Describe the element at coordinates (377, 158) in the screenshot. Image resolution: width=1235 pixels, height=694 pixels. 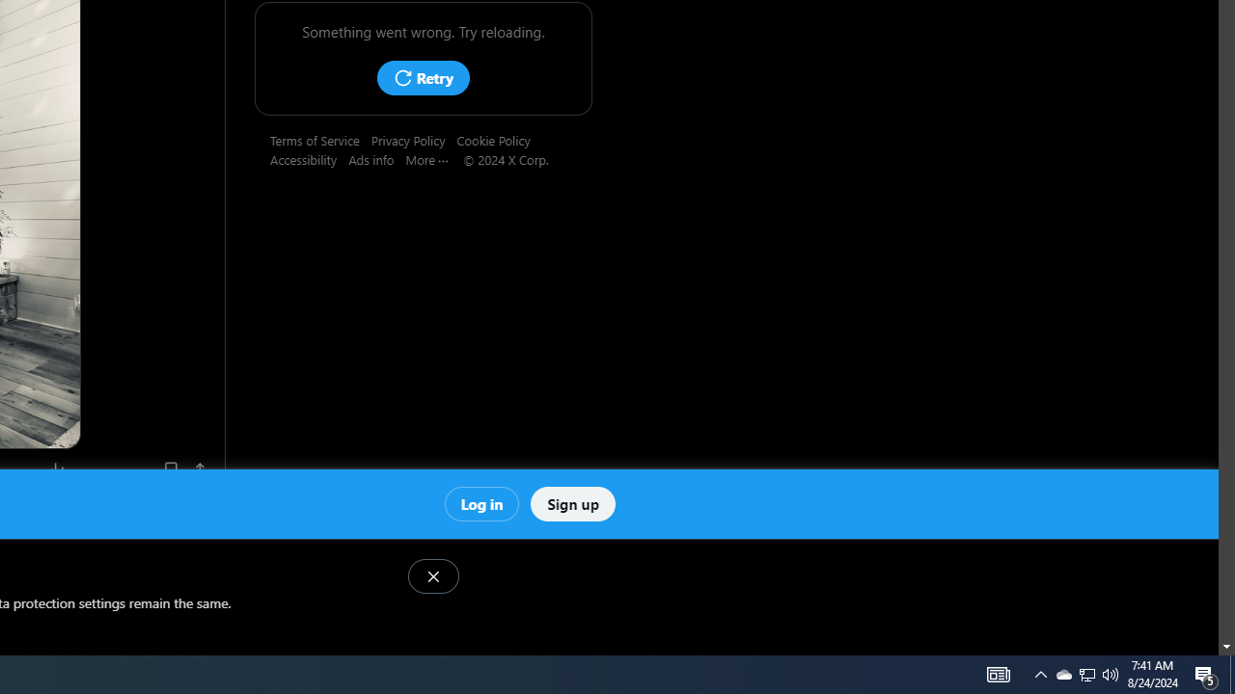
I see `'Ads info'` at that location.